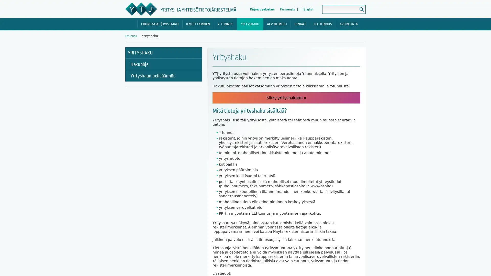  I want to click on Etsi, so click(361, 9).